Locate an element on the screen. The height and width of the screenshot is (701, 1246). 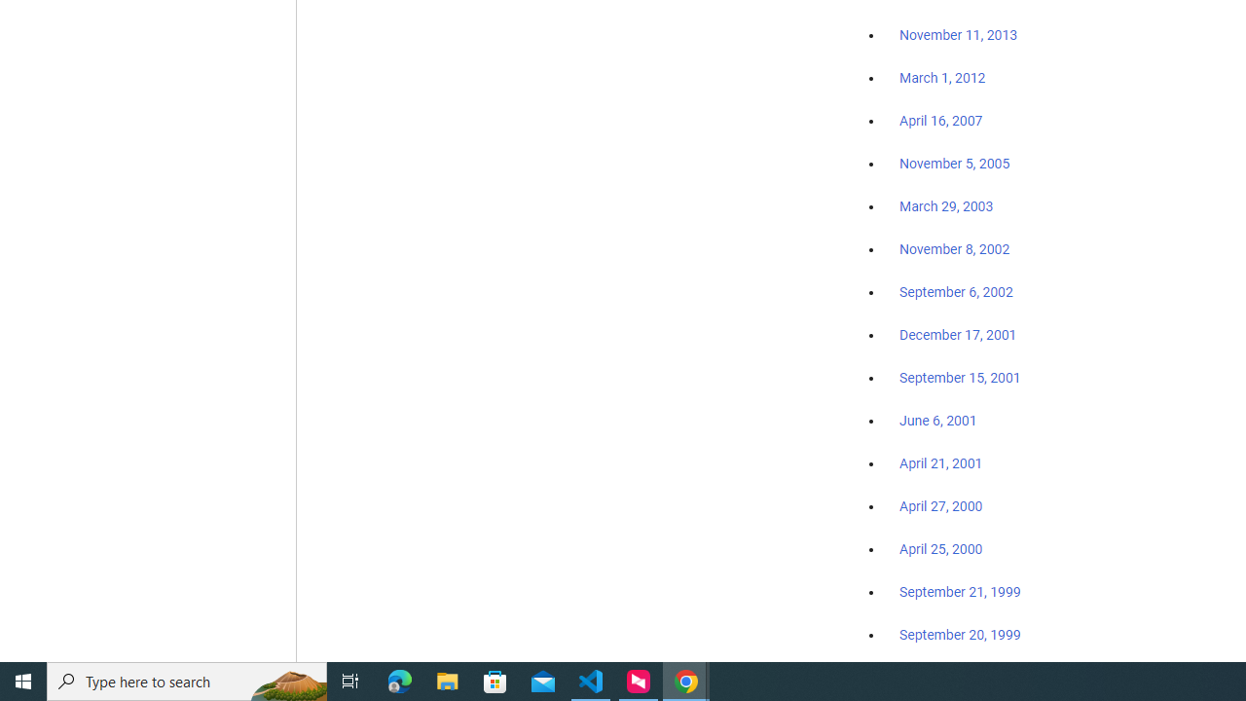
'September 6, 2002' is located at coordinates (956, 291).